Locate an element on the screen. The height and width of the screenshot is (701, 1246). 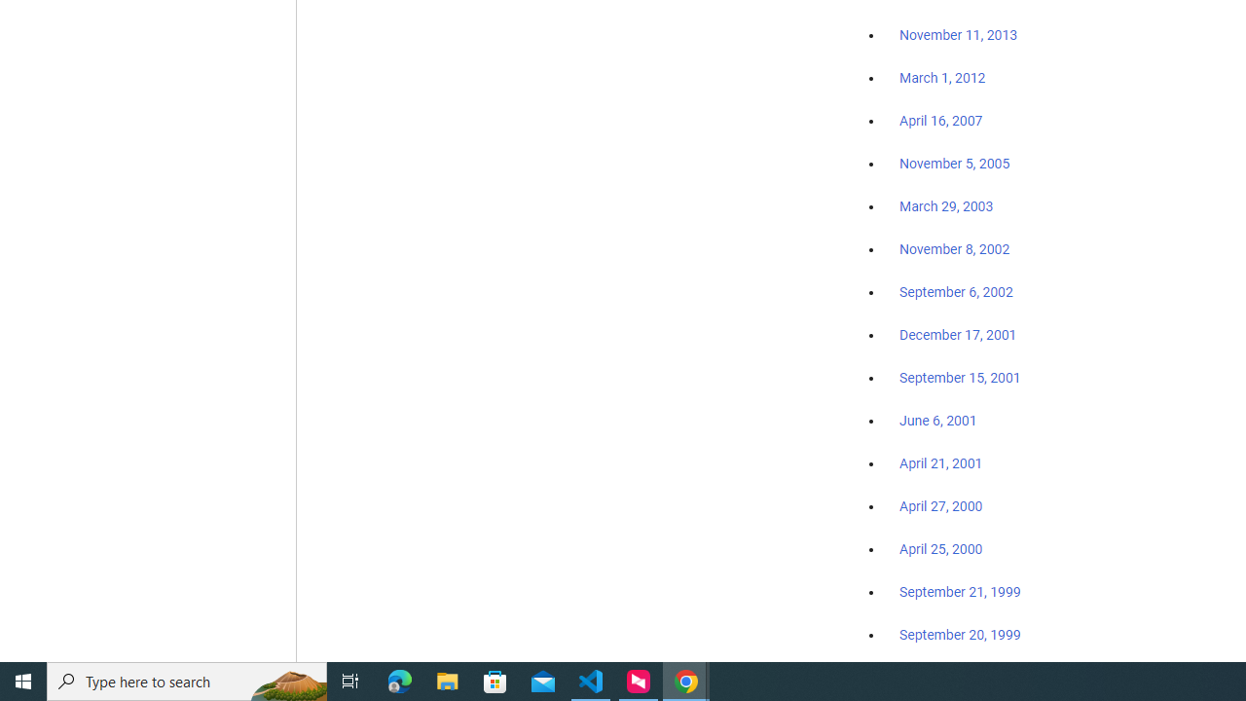
'September 6, 2002' is located at coordinates (956, 291).